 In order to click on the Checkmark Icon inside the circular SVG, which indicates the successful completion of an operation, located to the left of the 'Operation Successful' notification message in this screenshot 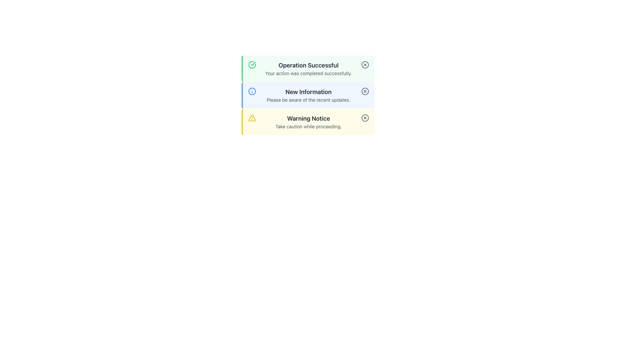, I will do `click(253, 64)`.